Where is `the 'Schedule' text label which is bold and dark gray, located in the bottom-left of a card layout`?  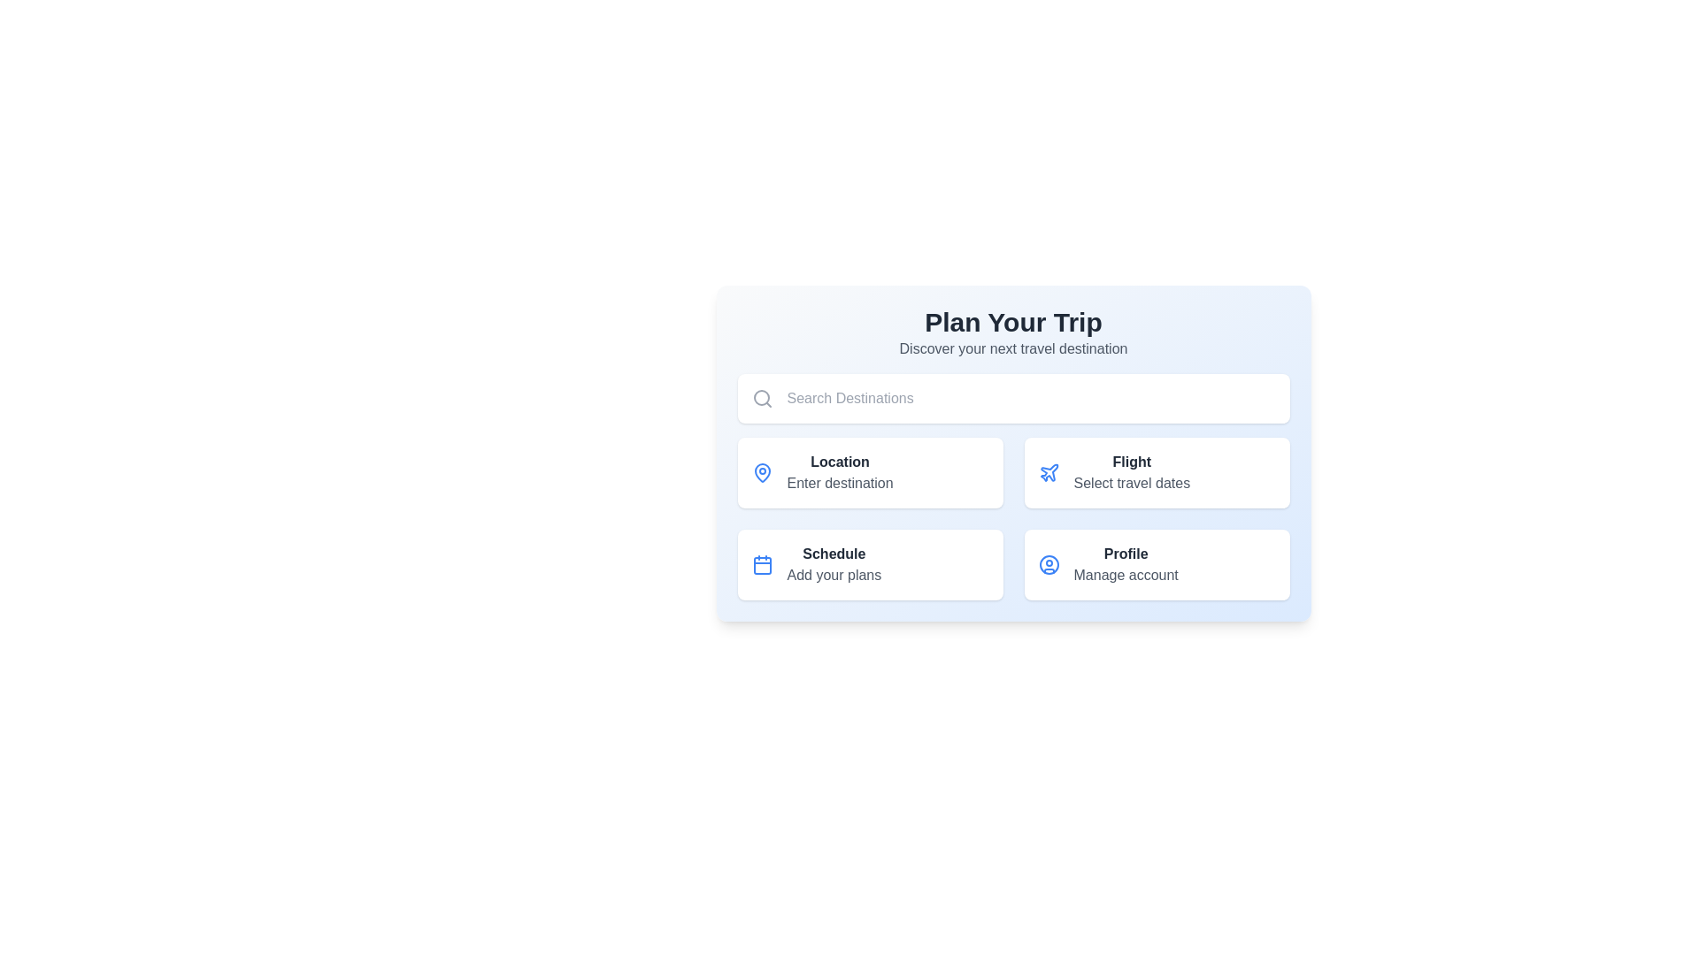
the 'Schedule' text label which is bold and dark gray, located in the bottom-left of a card layout is located at coordinates (833, 565).